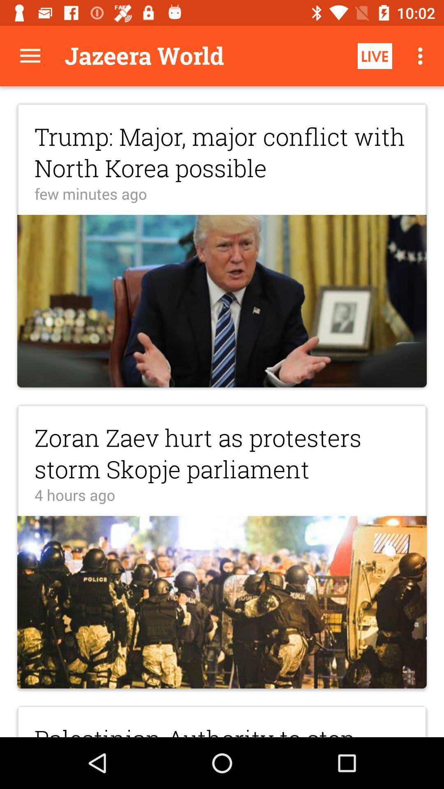 The image size is (444, 789). I want to click on icon to the left of jazeera world icon, so click(30, 55).